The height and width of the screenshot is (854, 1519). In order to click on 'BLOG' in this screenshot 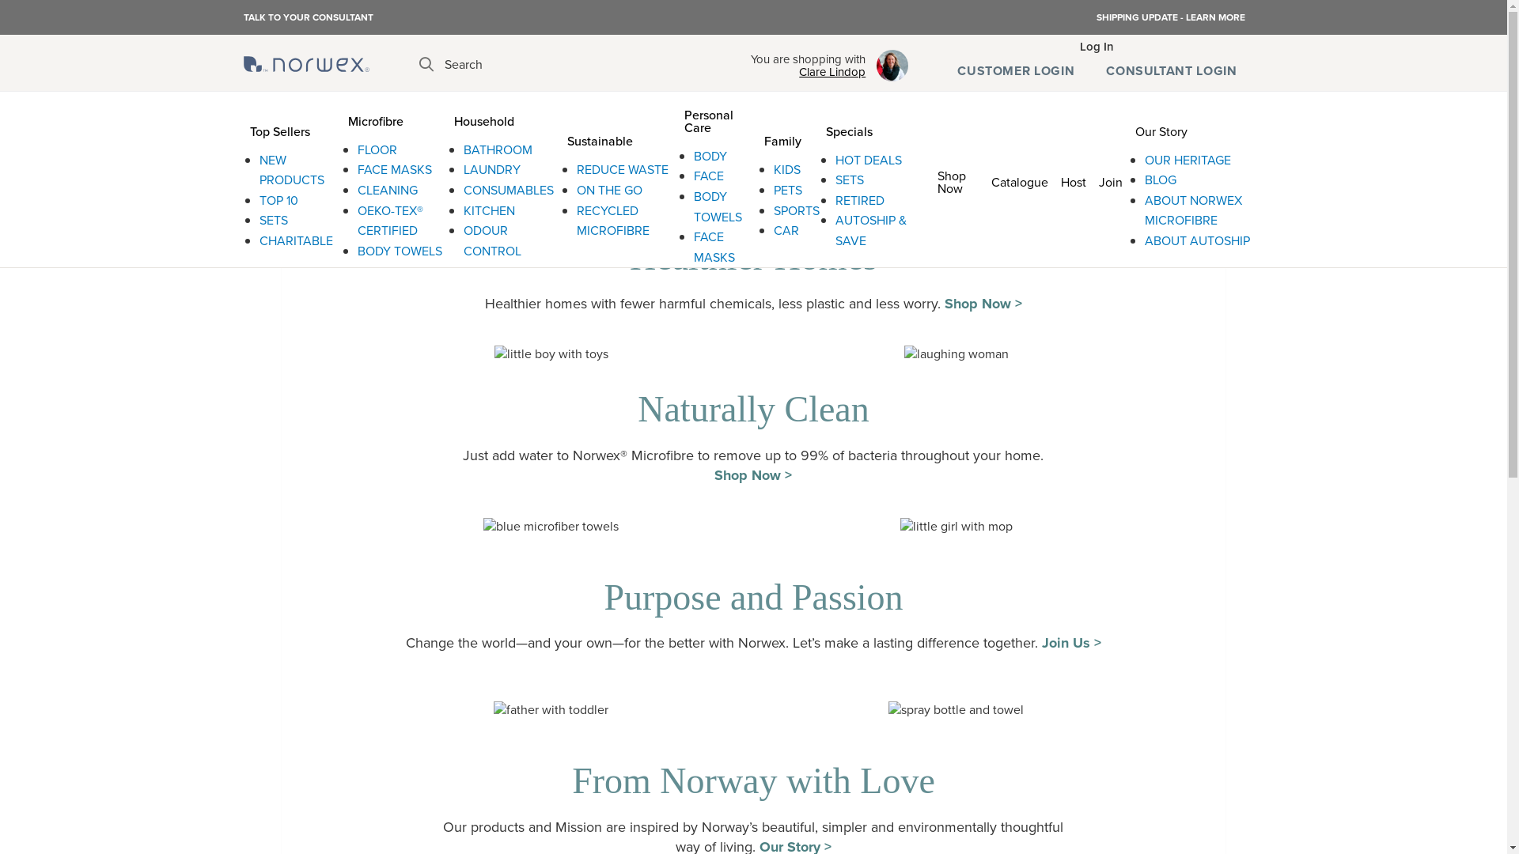, I will do `click(1161, 179)`.